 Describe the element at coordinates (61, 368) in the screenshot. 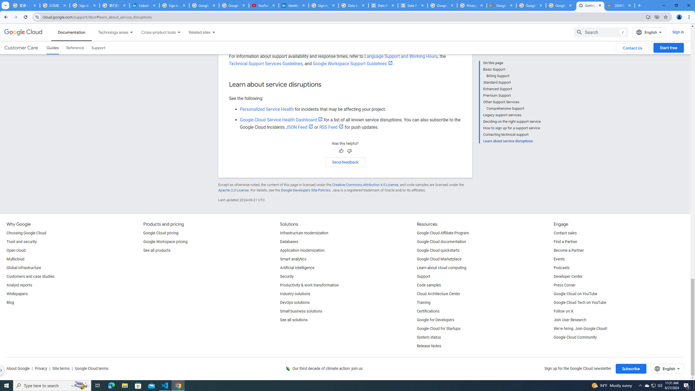

I see `'Site terms'` at that location.